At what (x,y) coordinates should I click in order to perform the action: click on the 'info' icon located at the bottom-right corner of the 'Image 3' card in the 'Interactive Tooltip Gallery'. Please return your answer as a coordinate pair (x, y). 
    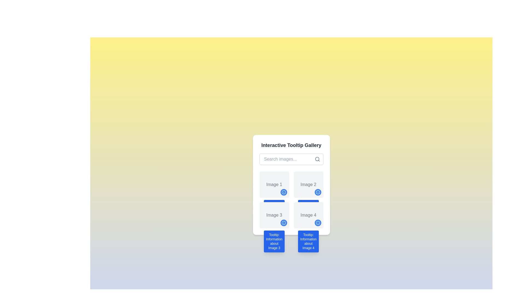
    Looking at the image, I should click on (284, 223).